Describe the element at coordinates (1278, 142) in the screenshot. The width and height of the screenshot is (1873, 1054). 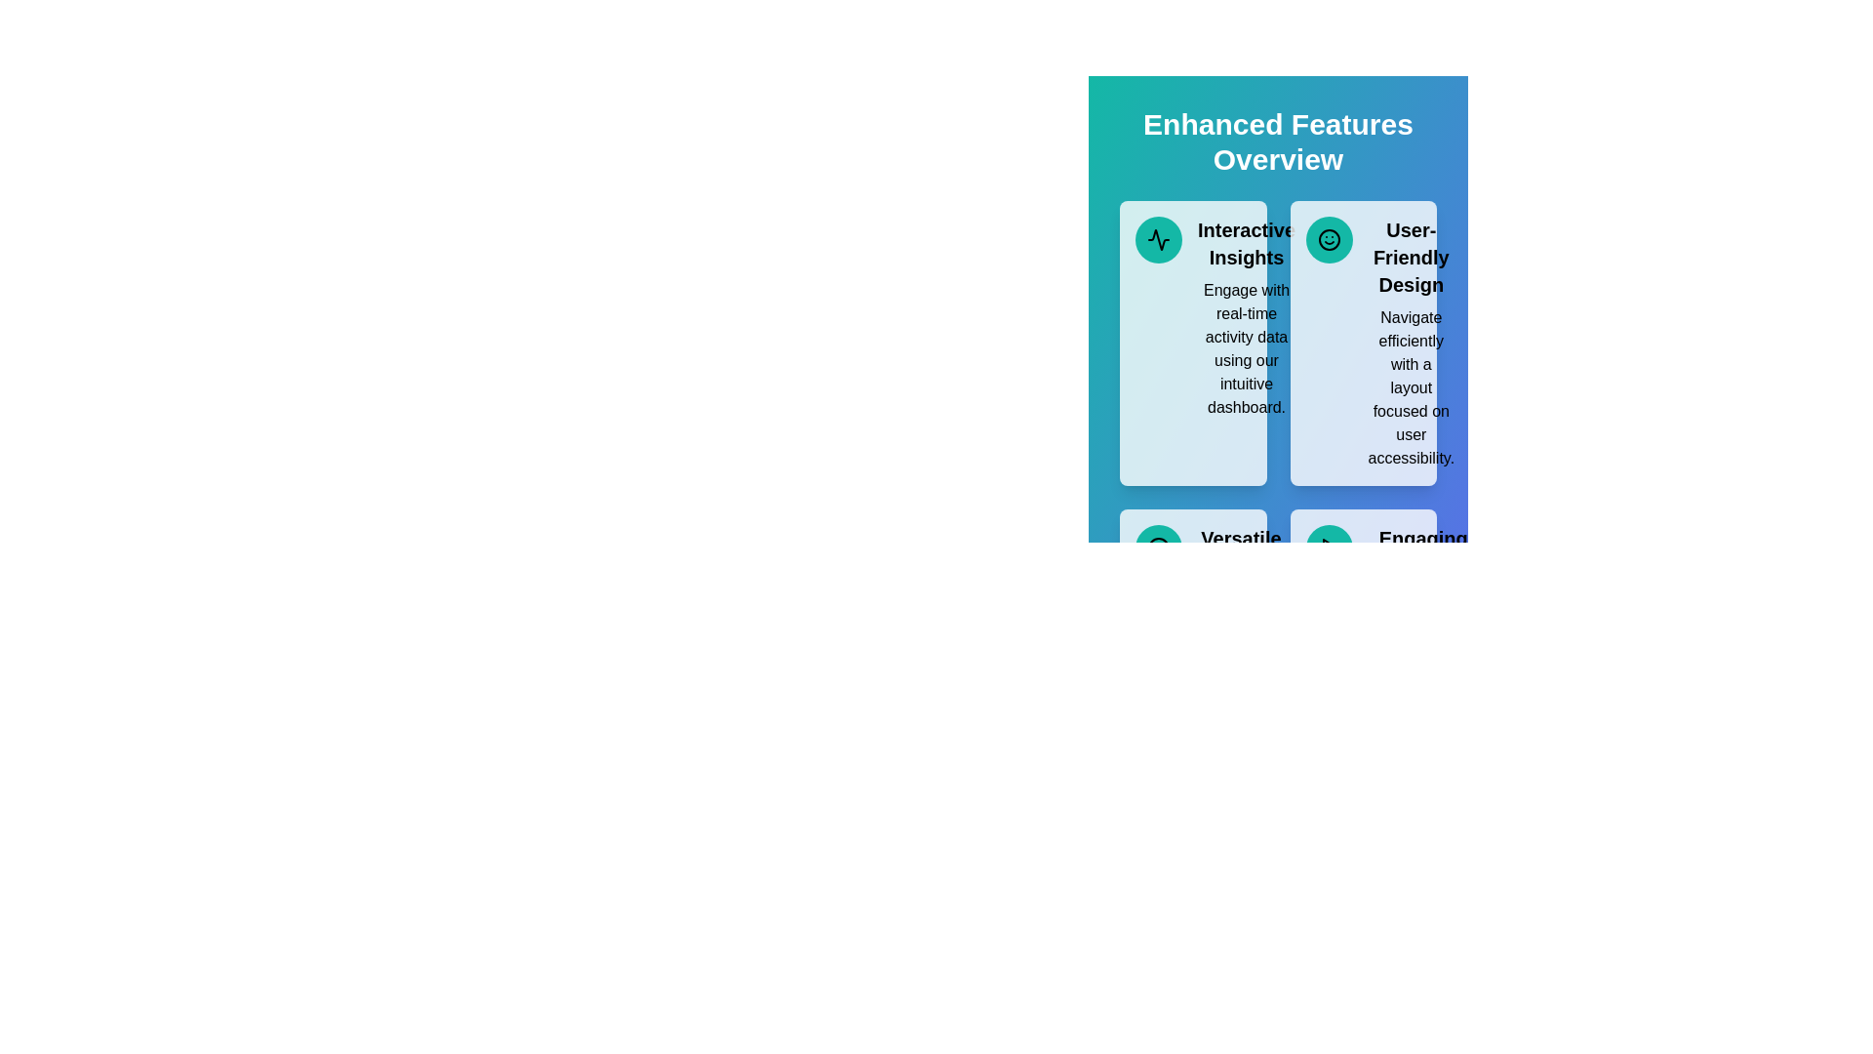
I see `title 'Enhanced Features Overview' displayed in bold, large font at the top center of the layout` at that location.